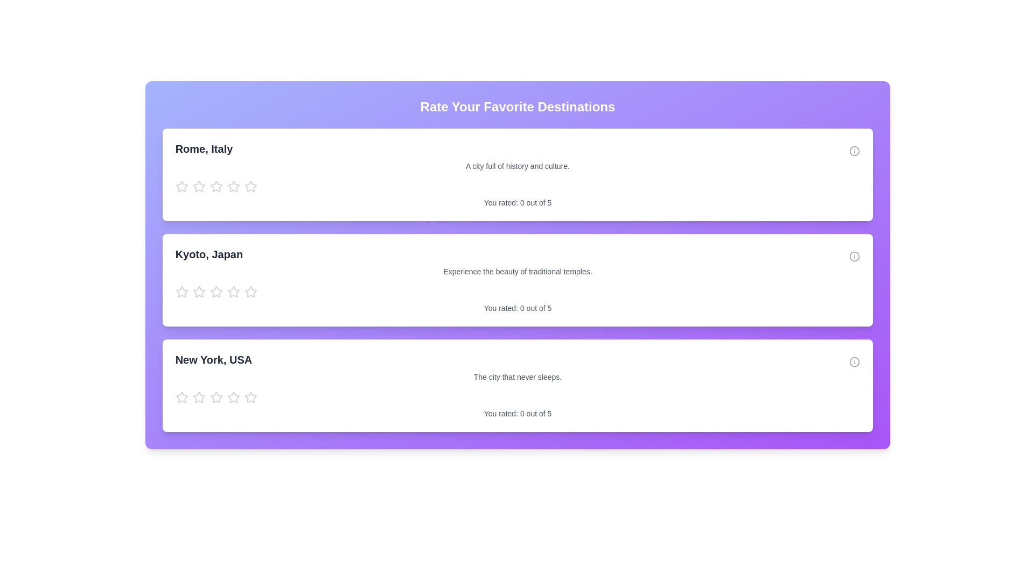 The height and width of the screenshot is (581, 1034). What do you see at coordinates (181, 292) in the screenshot?
I see `the first star icon in the star rating section to rate 'Kyoto, Japan'` at bounding box center [181, 292].